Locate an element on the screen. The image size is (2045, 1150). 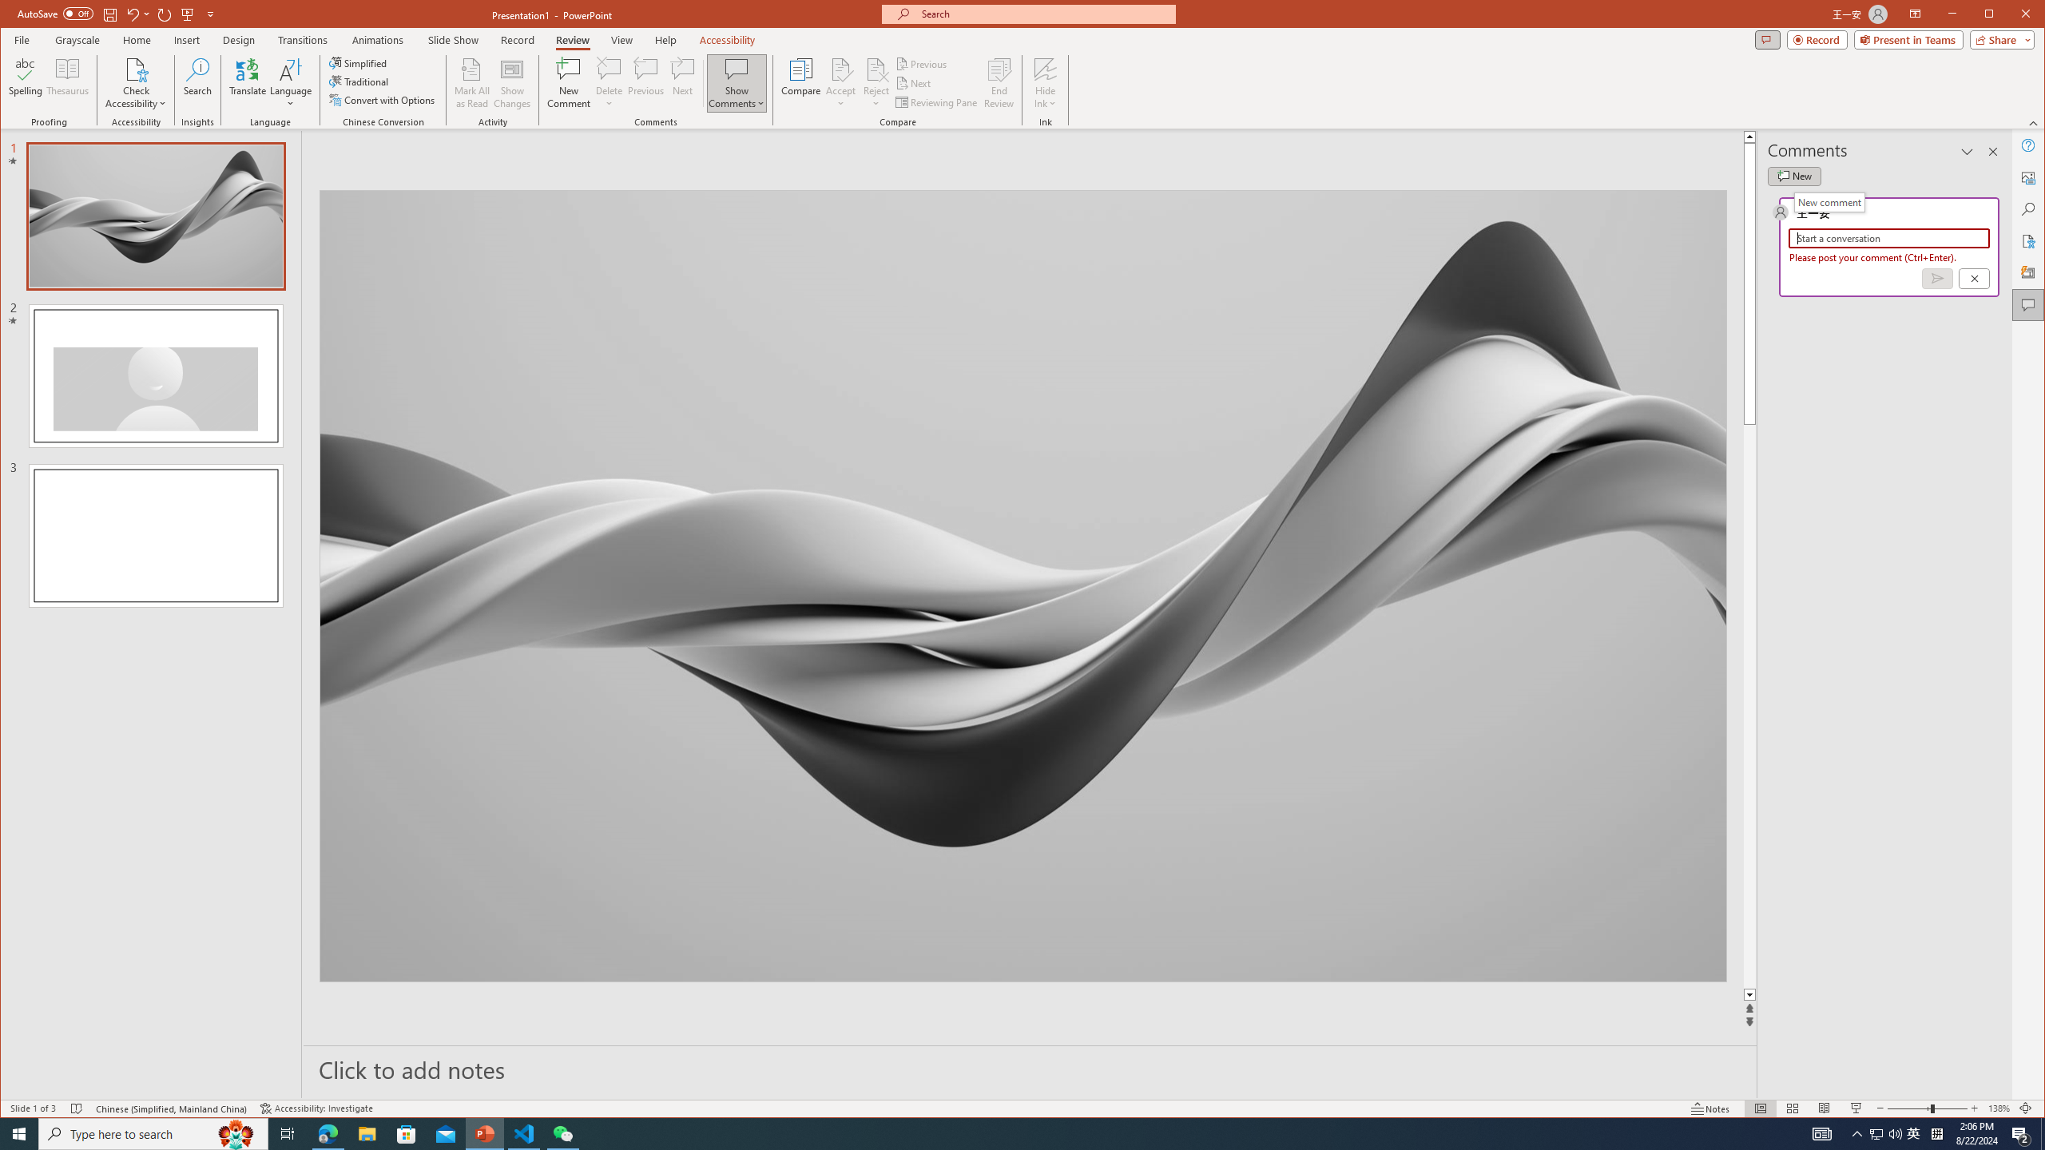
'Maximize' is located at coordinates (2012, 15).